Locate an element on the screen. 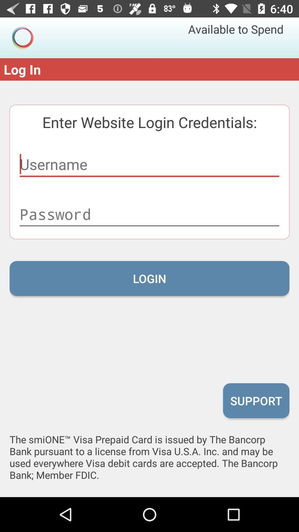  item below enter website login icon is located at coordinates (149, 164).